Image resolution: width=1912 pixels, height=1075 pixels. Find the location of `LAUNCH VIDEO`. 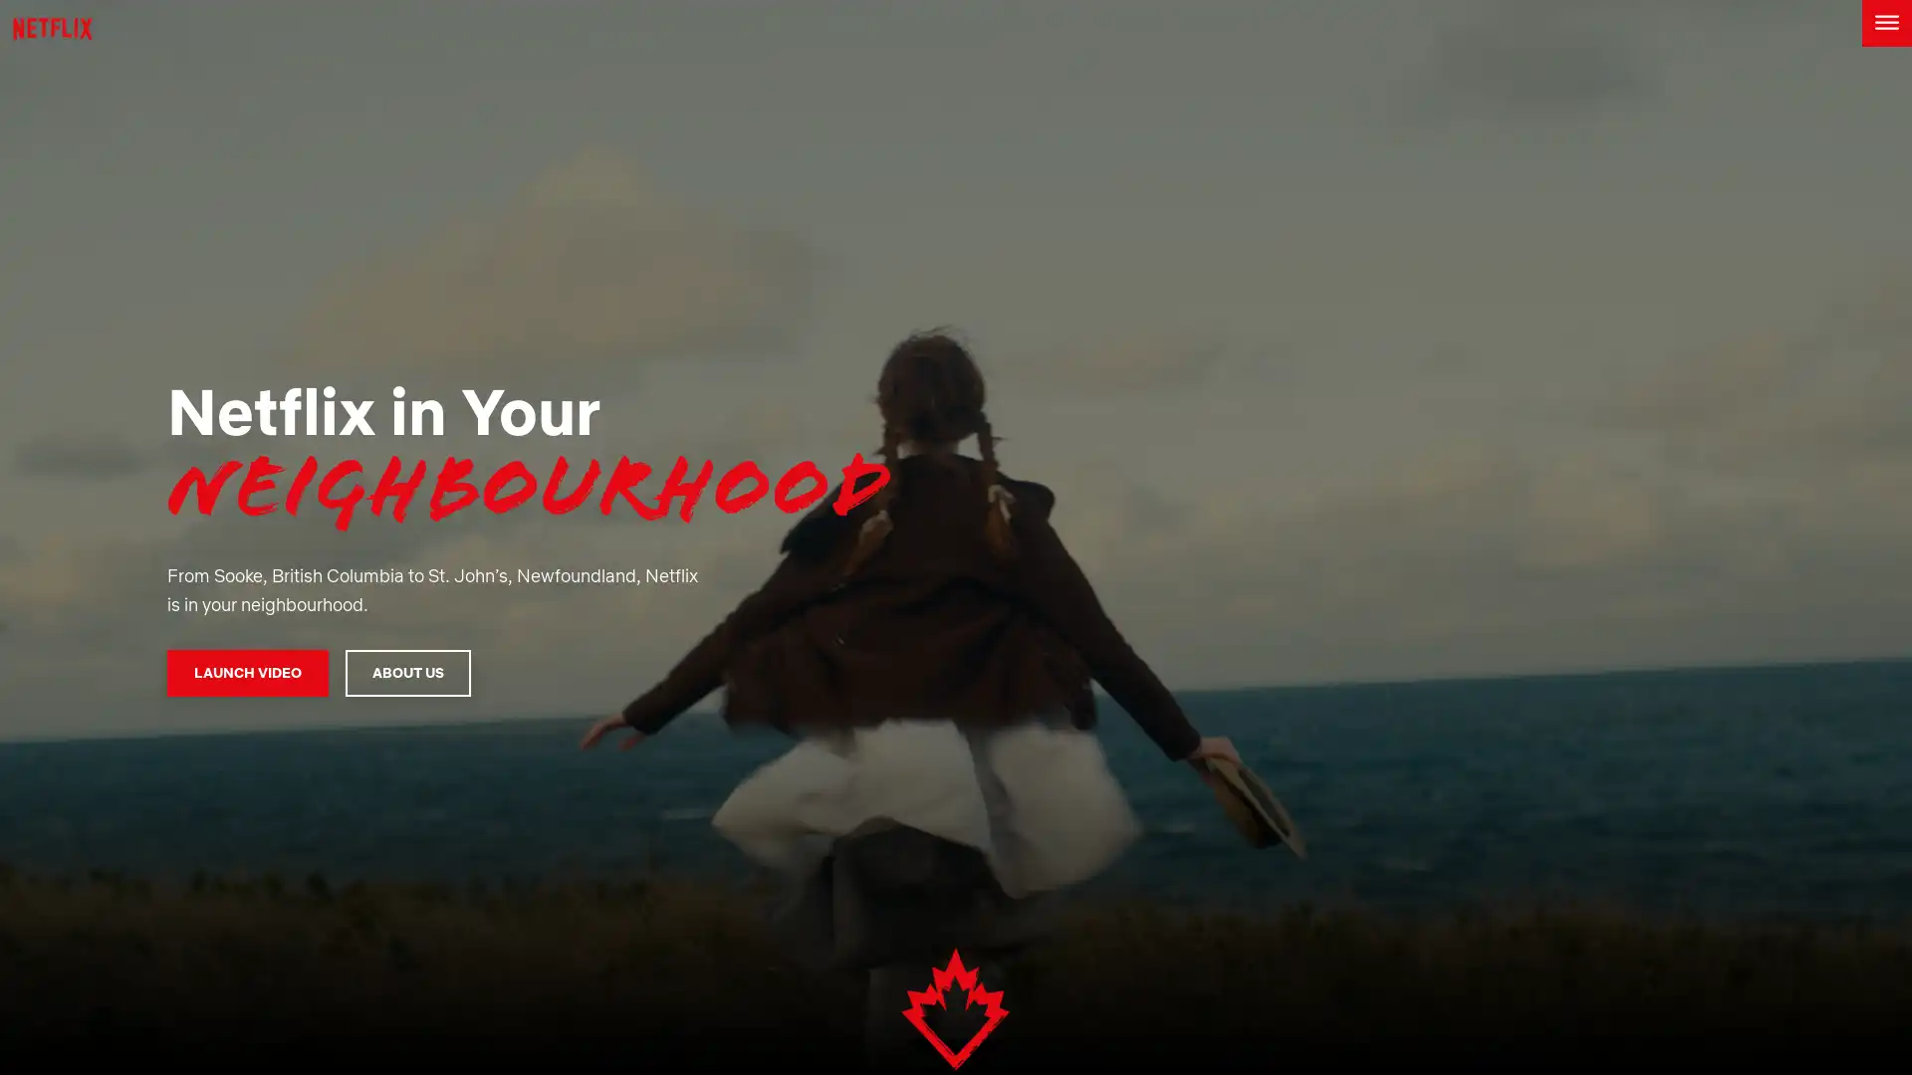

LAUNCH VIDEO is located at coordinates (246, 672).